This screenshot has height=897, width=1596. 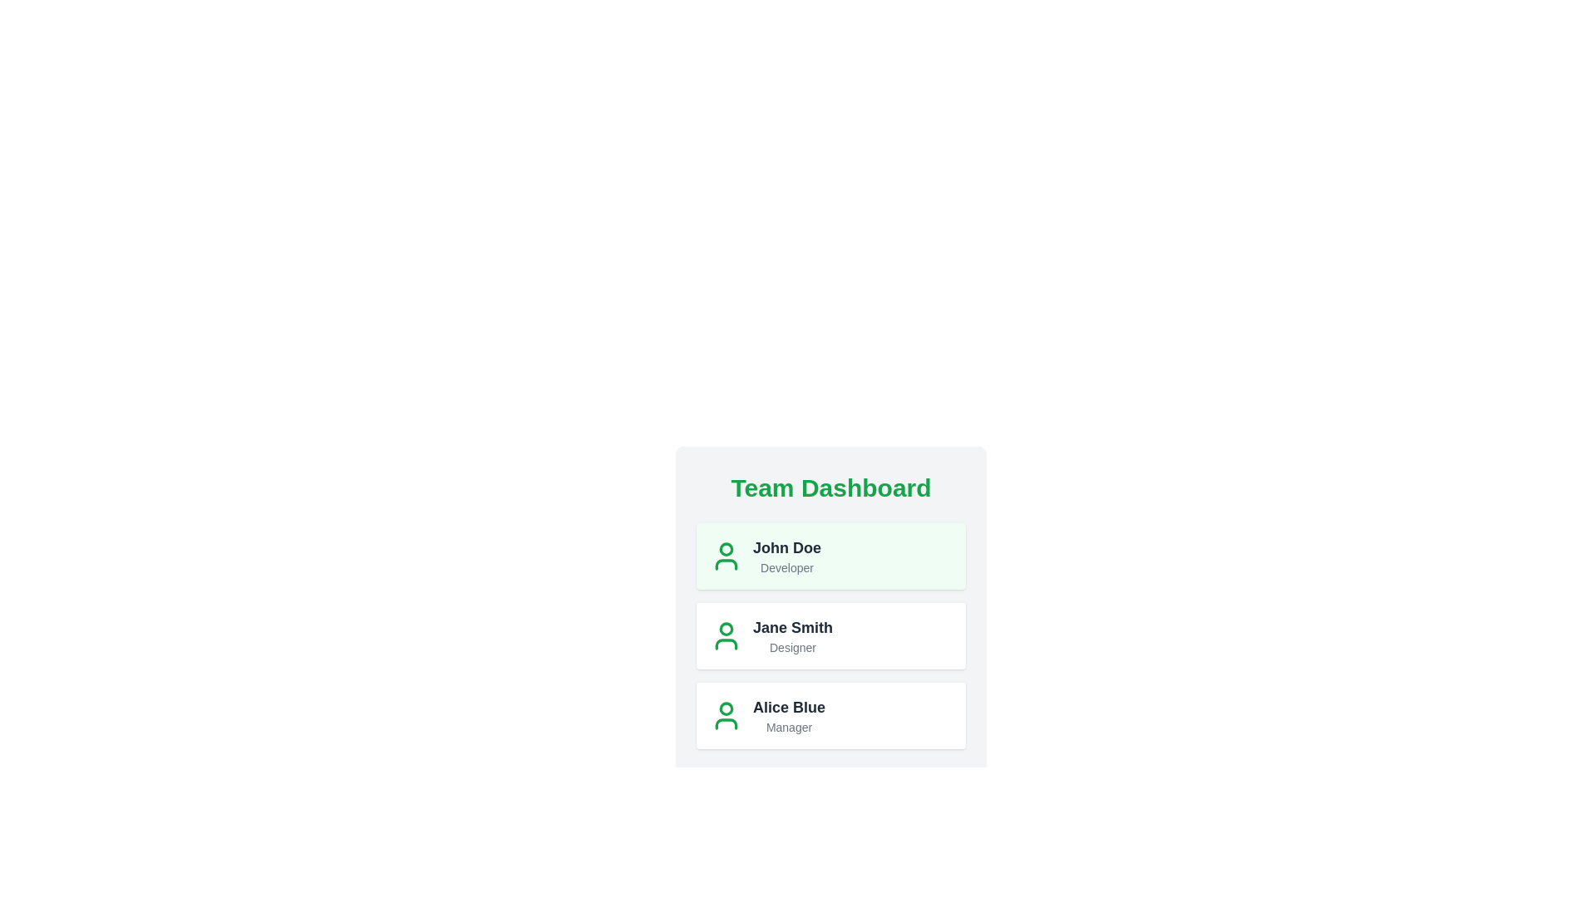 What do you see at coordinates (786, 566) in the screenshot?
I see `the static text label displaying 'Developer', which is positioned directly beneath the name label 'John Doe' and aligned to the left` at bounding box center [786, 566].